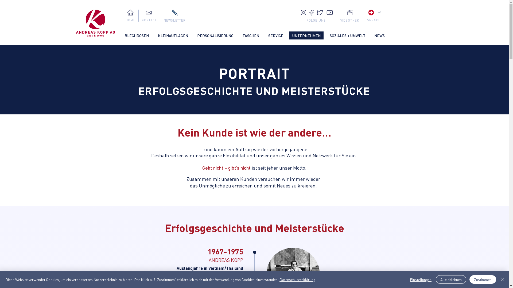 This screenshot has width=513, height=288. What do you see at coordinates (149, 12) in the screenshot?
I see `'Kontakt'` at bounding box center [149, 12].